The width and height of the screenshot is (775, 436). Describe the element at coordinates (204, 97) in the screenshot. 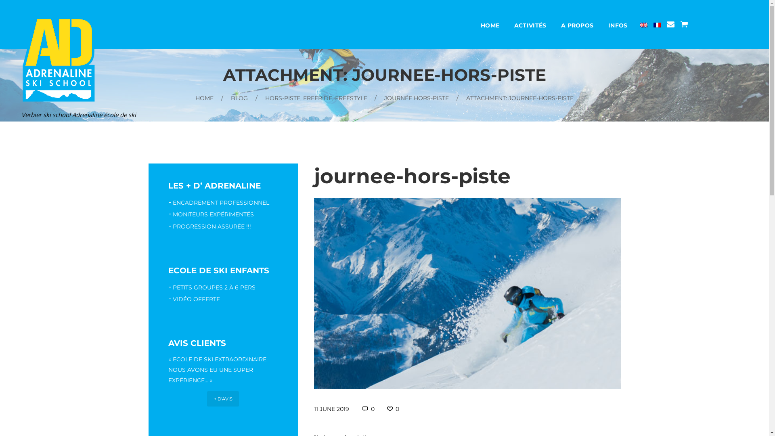

I see `'HOME'` at that location.